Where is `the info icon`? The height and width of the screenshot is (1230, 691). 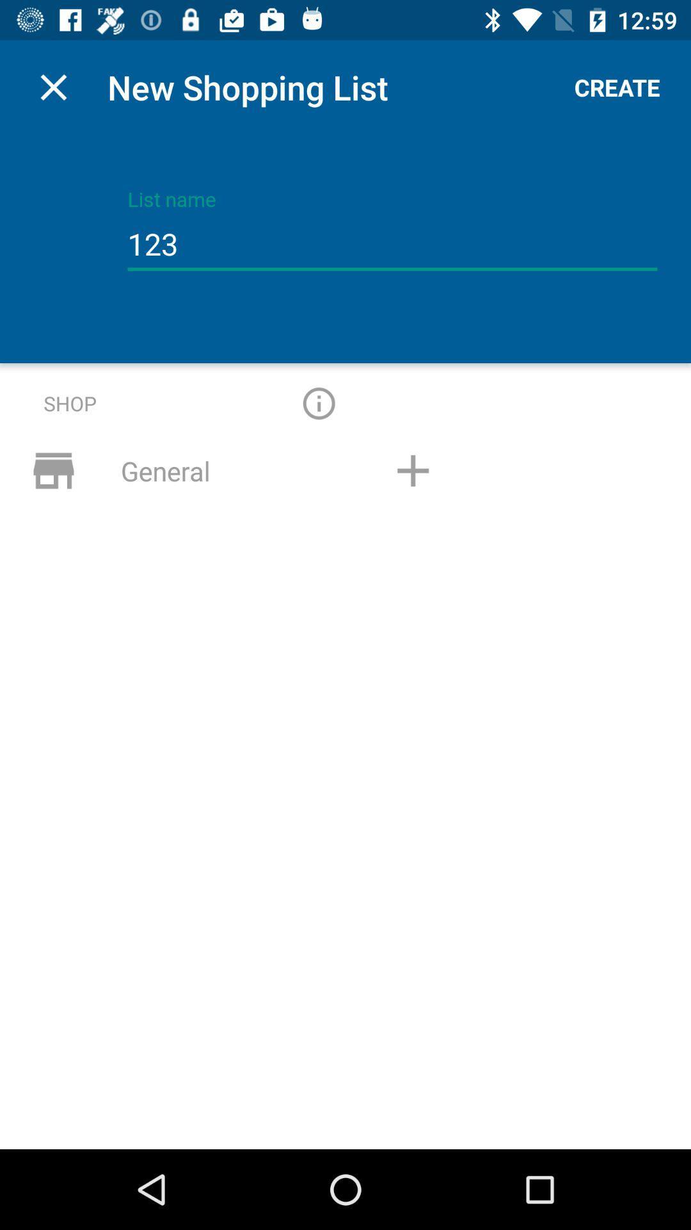 the info icon is located at coordinates (318, 402).